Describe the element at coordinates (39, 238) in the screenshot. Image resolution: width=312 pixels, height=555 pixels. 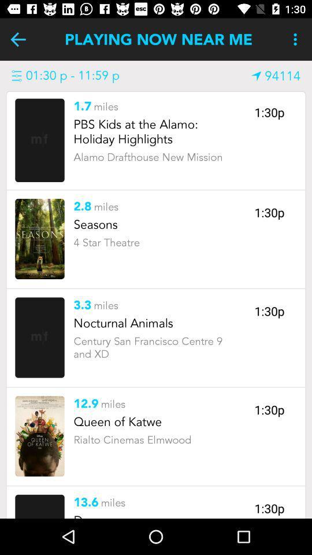
I see `movie selection` at that location.